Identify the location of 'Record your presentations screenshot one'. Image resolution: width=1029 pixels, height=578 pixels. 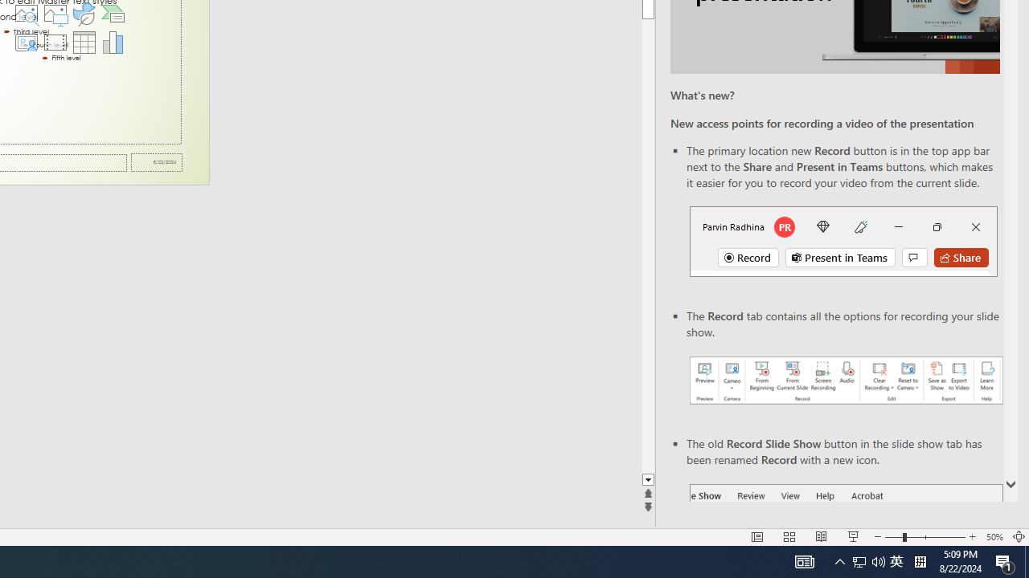
(845, 381).